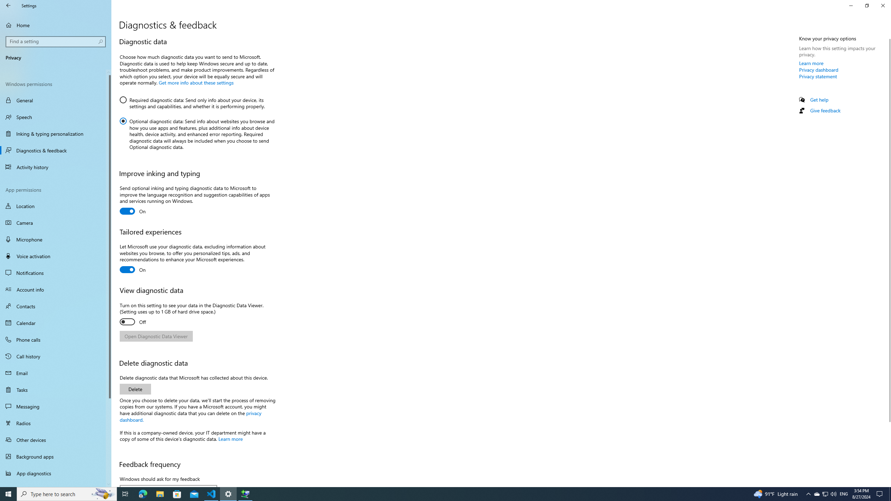 Image resolution: width=891 pixels, height=501 pixels. Describe the element at coordinates (867, 5) in the screenshot. I see `'Restore Settings'` at that location.